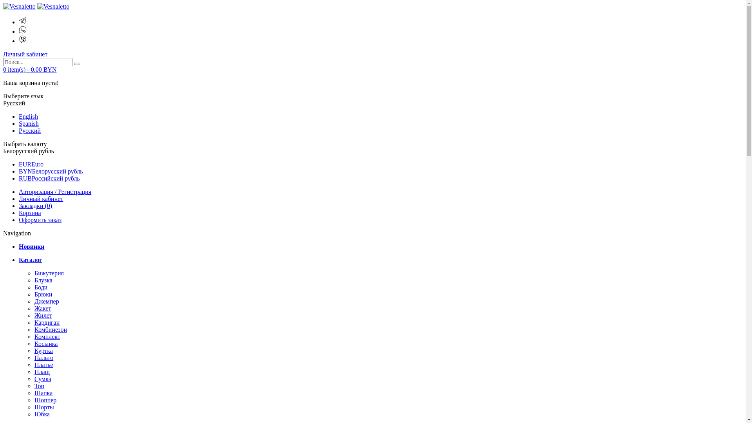 The image size is (752, 423). What do you see at coordinates (74, 63) in the screenshot?
I see `'Search'` at bounding box center [74, 63].